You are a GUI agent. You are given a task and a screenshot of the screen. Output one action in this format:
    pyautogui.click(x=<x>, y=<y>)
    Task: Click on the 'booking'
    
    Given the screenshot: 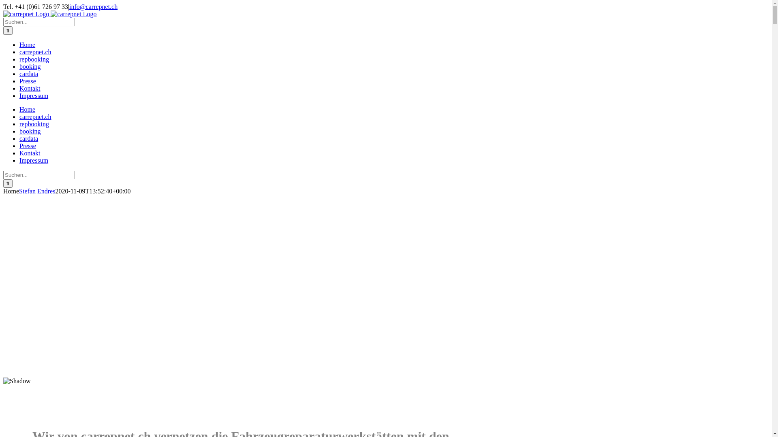 What is the action you would take?
    pyautogui.click(x=30, y=131)
    